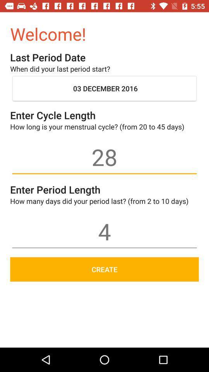  I want to click on icon above create, so click(104, 231).